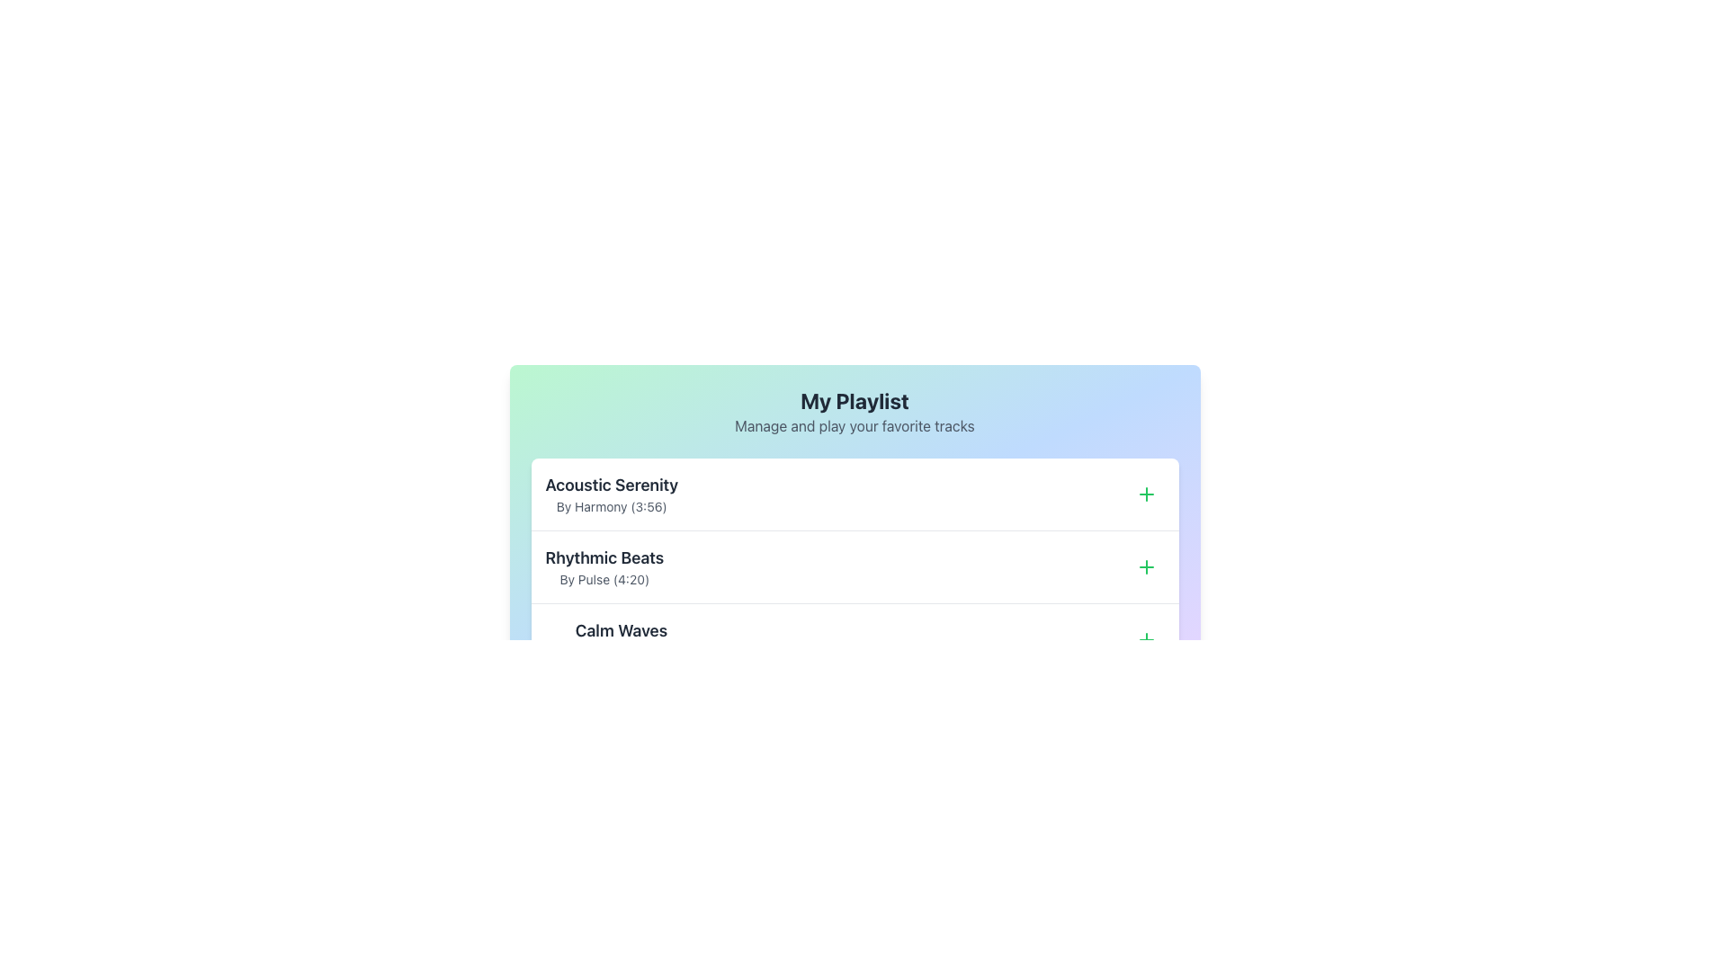  I want to click on the text label displaying the title of the media track, which is located at the bottommost item of a vertically stacked list in the playlist interface, aligned to the left above the subtitle 'By Relaxing Sounds (5:10)', so click(622, 639).